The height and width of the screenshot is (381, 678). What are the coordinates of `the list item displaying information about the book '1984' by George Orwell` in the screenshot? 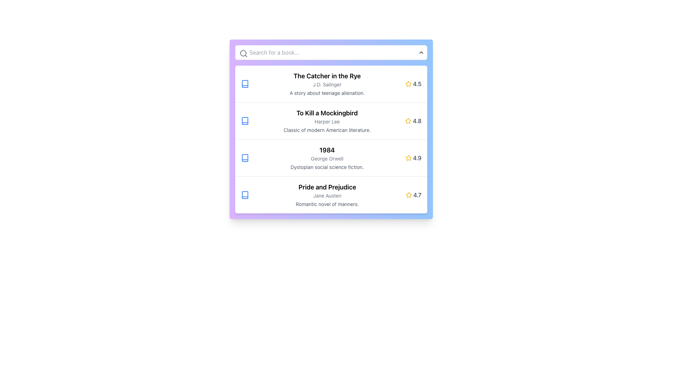 It's located at (331, 157).